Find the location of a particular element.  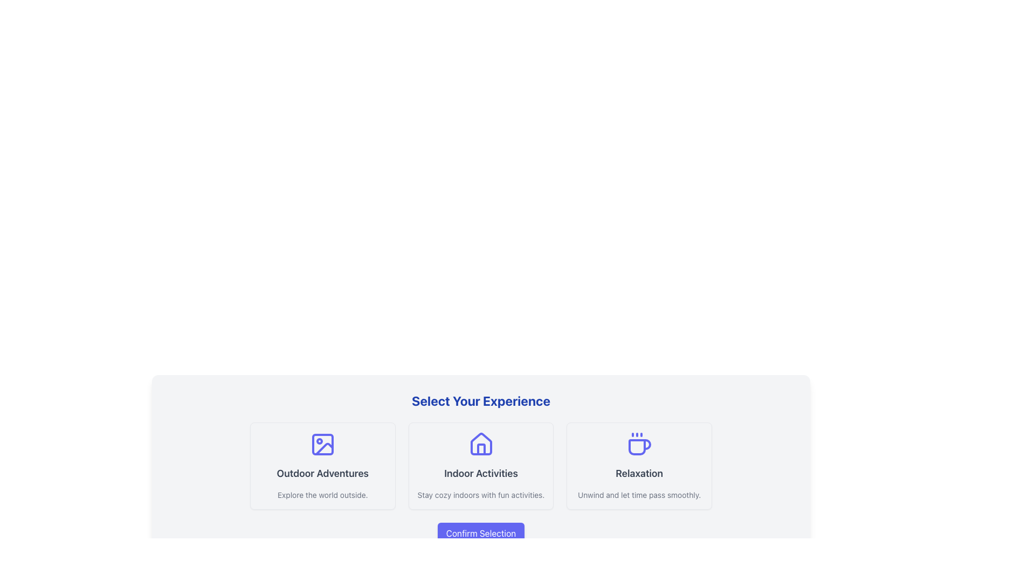

the static text element that reads 'Stay cozy indoors with fun activities.' located at the bottom of the 'Indoor Activities' card is located at coordinates (480, 495).